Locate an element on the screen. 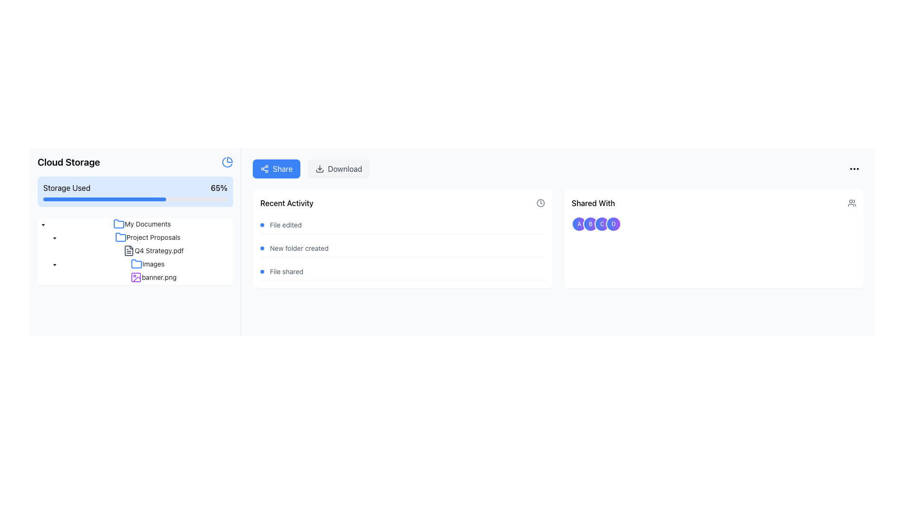 This screenshot has width=914, height=514. on the TreeView item labeled 'Q4 Strategy.pdf' is located at coordinates (135, 250).